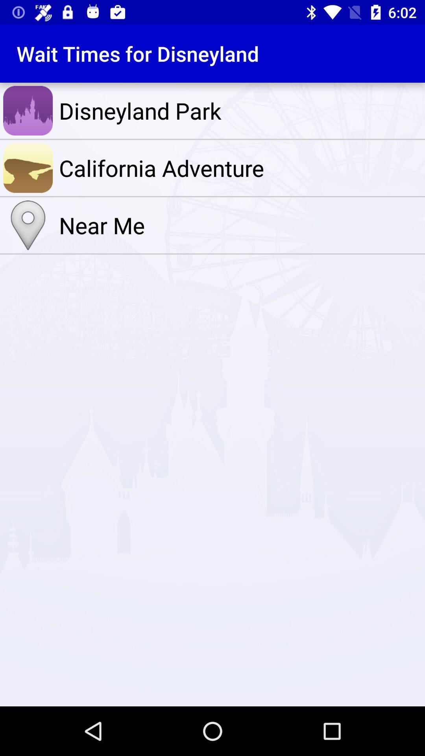  Describe the element at coordinates (240, 110) in the screenshot. I see `disneyland park` at that location.